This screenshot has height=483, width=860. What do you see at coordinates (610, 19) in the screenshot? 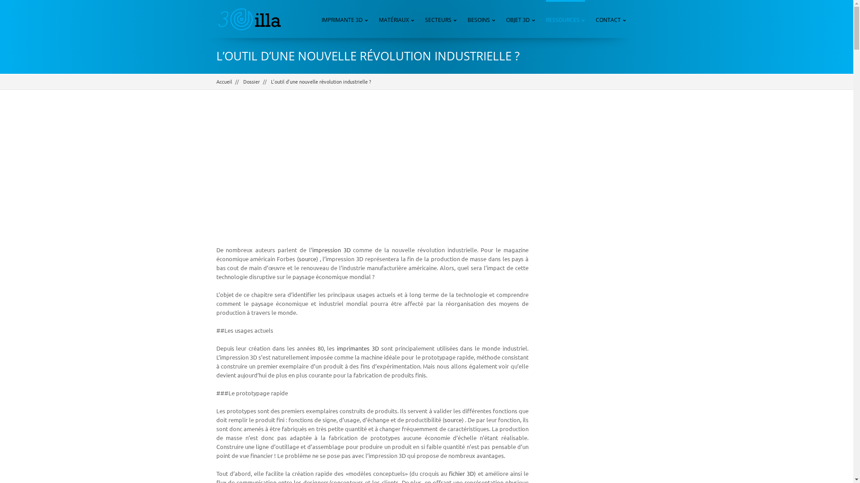
I see `'CONTACT'` at bounding box center [610, 19].